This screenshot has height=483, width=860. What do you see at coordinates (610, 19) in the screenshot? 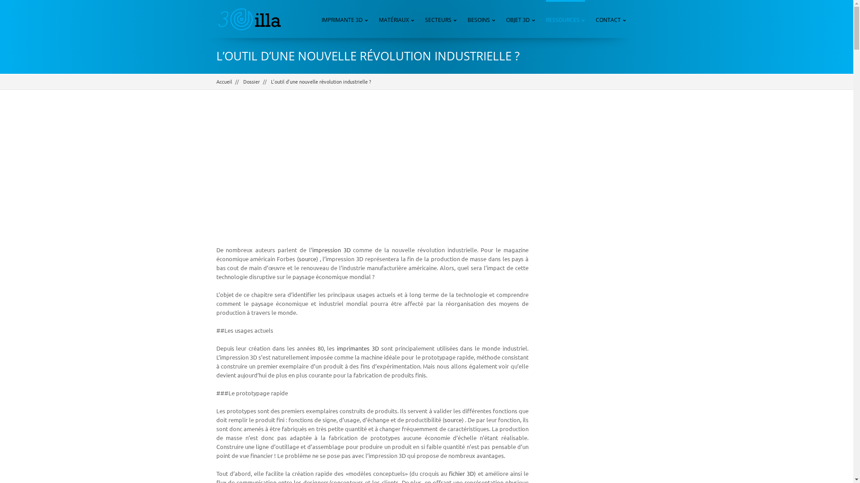
I see `'CONTACT'` at bounding box center [610, 19].